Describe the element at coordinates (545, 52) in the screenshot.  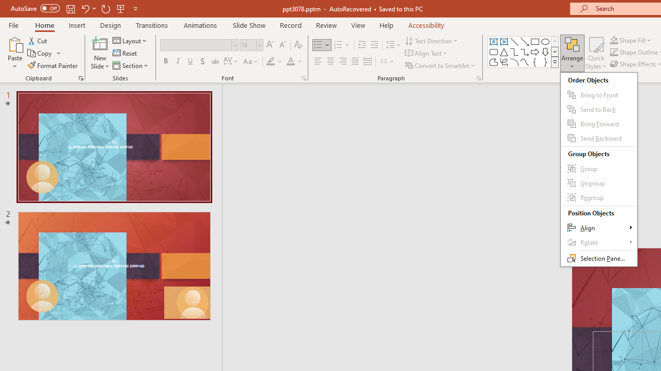
I see `'Arrow: Down'` at that location.